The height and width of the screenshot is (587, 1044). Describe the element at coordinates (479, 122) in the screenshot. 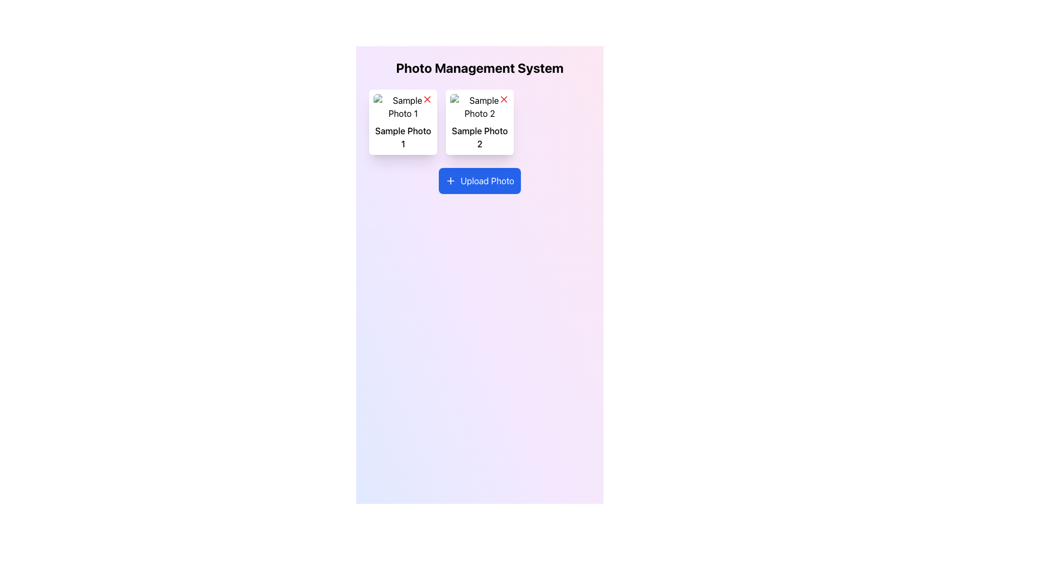

I see `the photo card located in the photo management grid, which is positioned just below the 'Photo Management System' header` at that location.